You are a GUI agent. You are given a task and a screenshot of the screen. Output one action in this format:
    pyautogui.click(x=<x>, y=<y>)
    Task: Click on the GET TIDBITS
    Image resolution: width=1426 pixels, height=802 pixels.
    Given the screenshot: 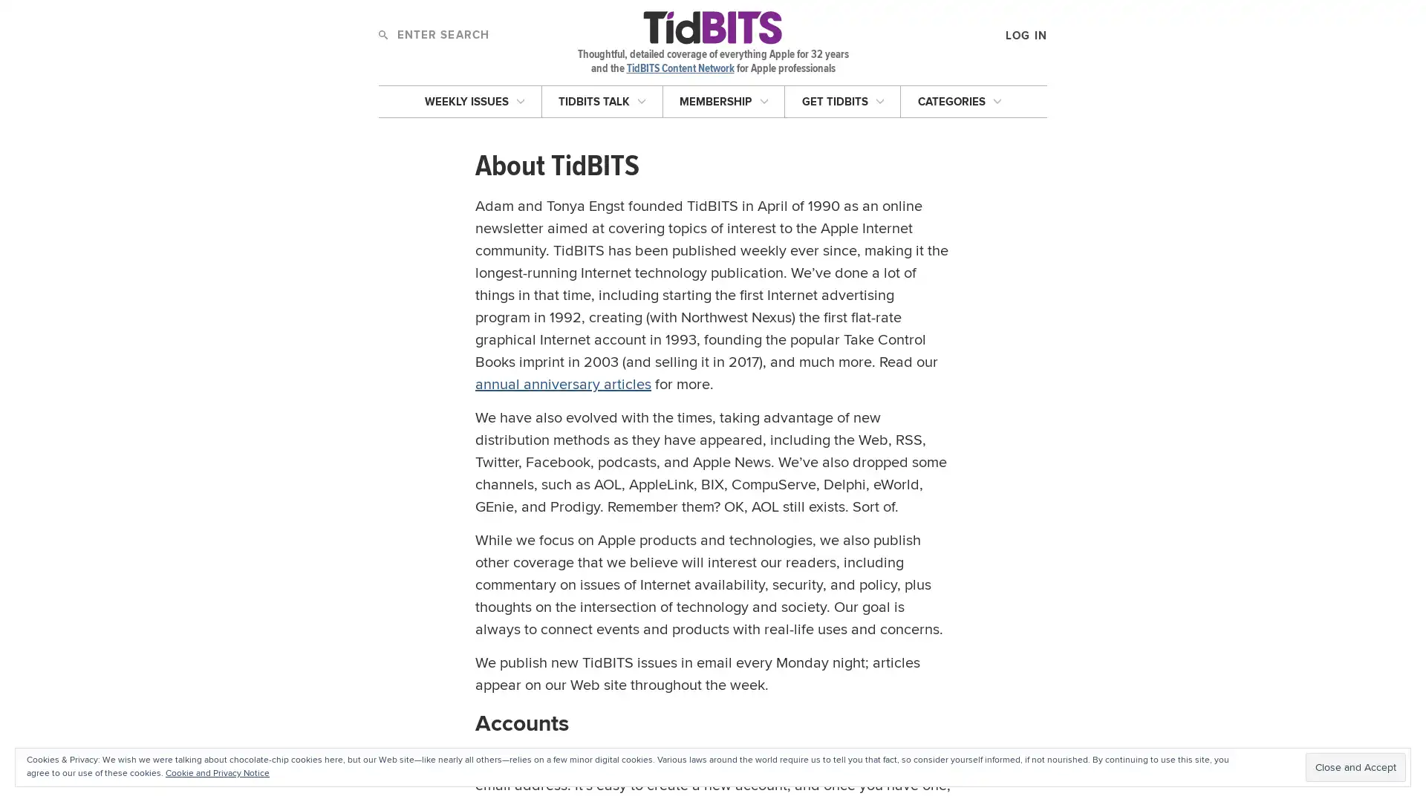 What is the action you would take?
    pyautogui.click(x=842, y=100)
    